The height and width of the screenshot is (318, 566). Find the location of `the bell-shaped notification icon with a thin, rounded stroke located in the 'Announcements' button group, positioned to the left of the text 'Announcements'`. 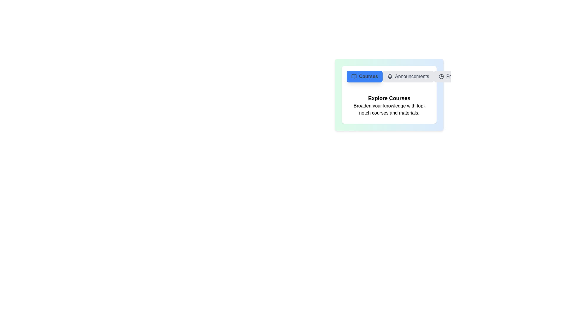

the bell-shaped notification icon with a thin, rounded stroke located in the 'Announcements' button group, positioned to the left of the text 'Announcements' is located at coordinates (390, 76).